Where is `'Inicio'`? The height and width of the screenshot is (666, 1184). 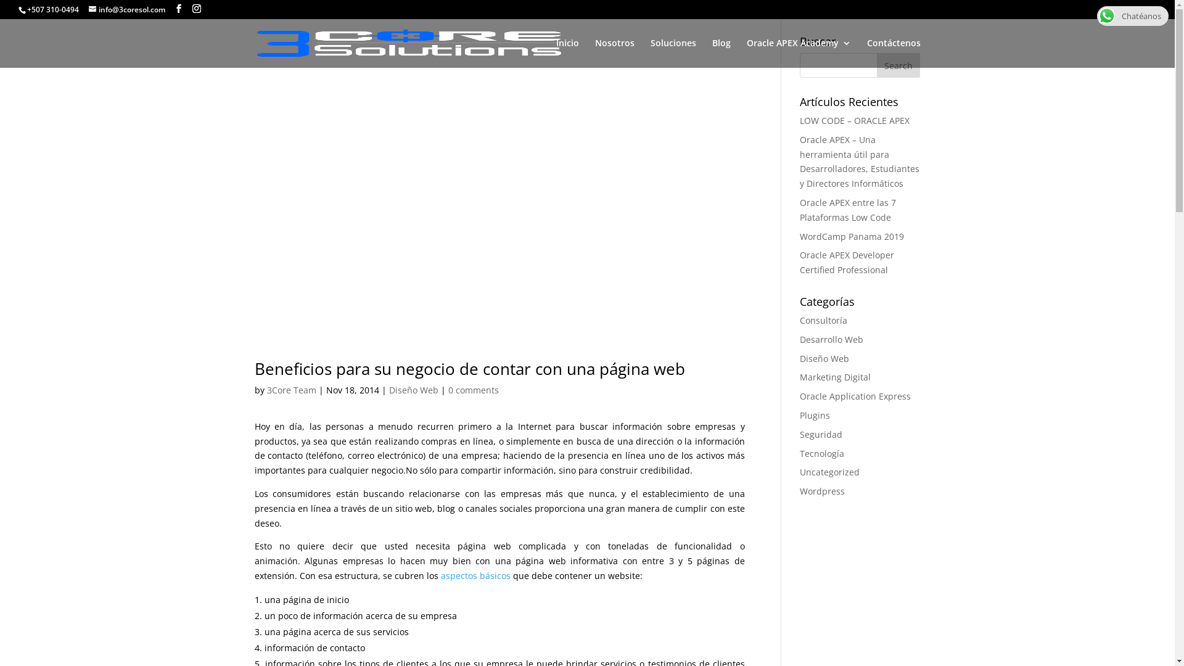
'Inicio' is located at coordinates (567, 52).